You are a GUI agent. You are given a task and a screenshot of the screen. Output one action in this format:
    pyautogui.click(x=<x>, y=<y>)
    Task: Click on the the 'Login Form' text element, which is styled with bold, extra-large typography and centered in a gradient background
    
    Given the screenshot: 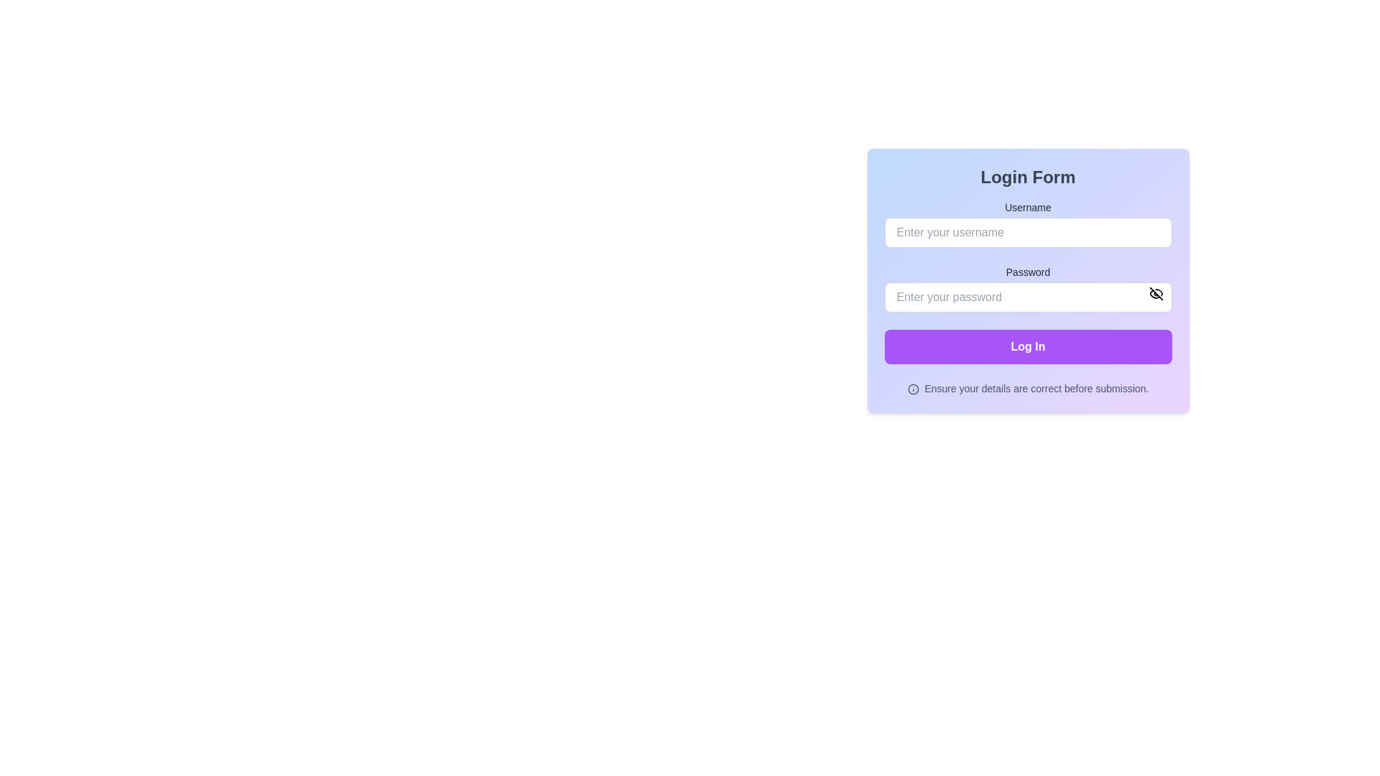 What is the action you would take?
    pyautogui.click(x=1027, y=176)
    